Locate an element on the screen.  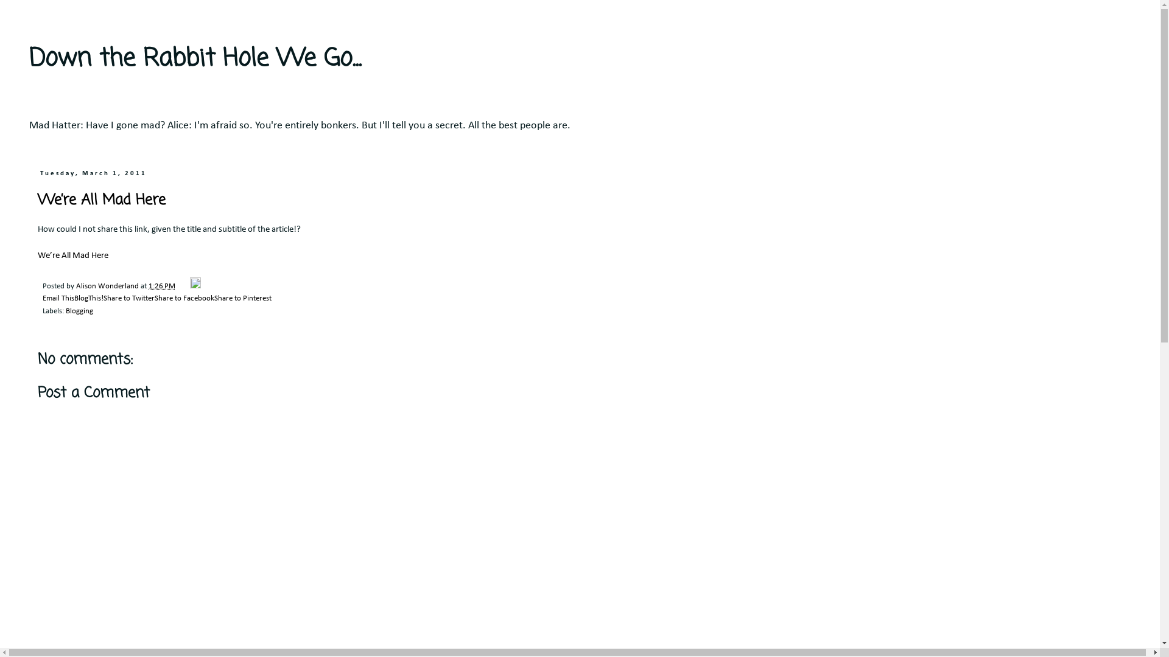
'Blogging' is located at coordinates (79, 311).